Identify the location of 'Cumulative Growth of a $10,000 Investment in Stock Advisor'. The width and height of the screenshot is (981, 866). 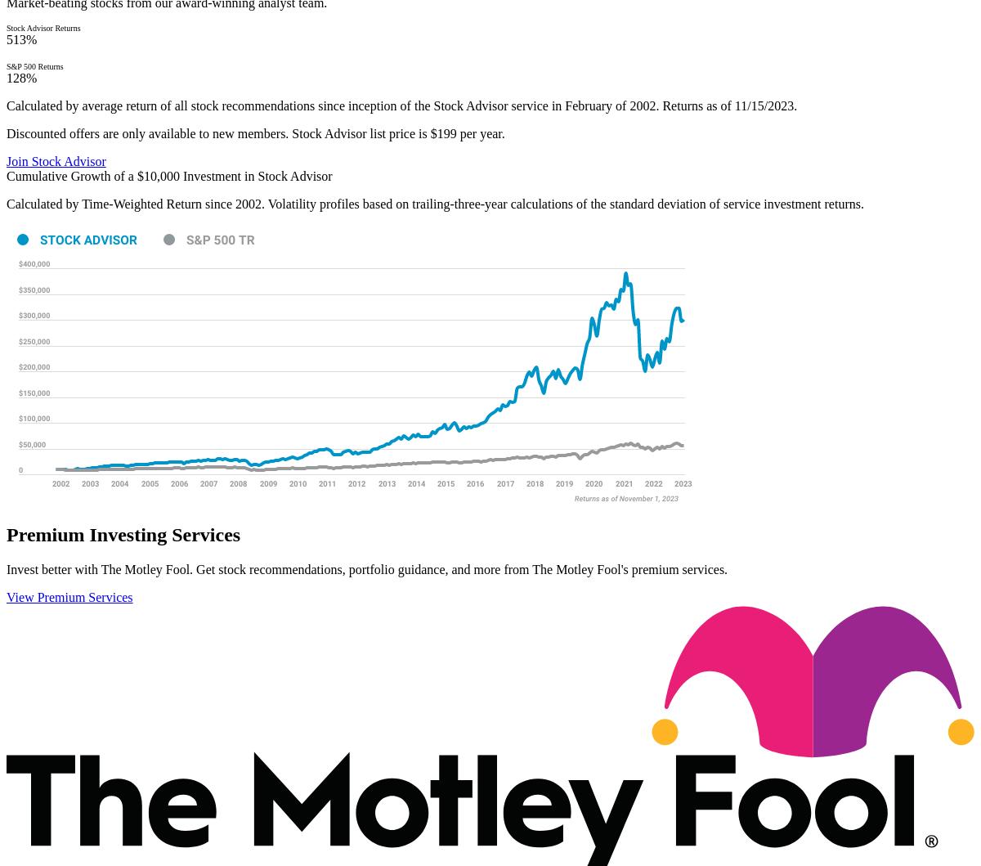
(168, 176).